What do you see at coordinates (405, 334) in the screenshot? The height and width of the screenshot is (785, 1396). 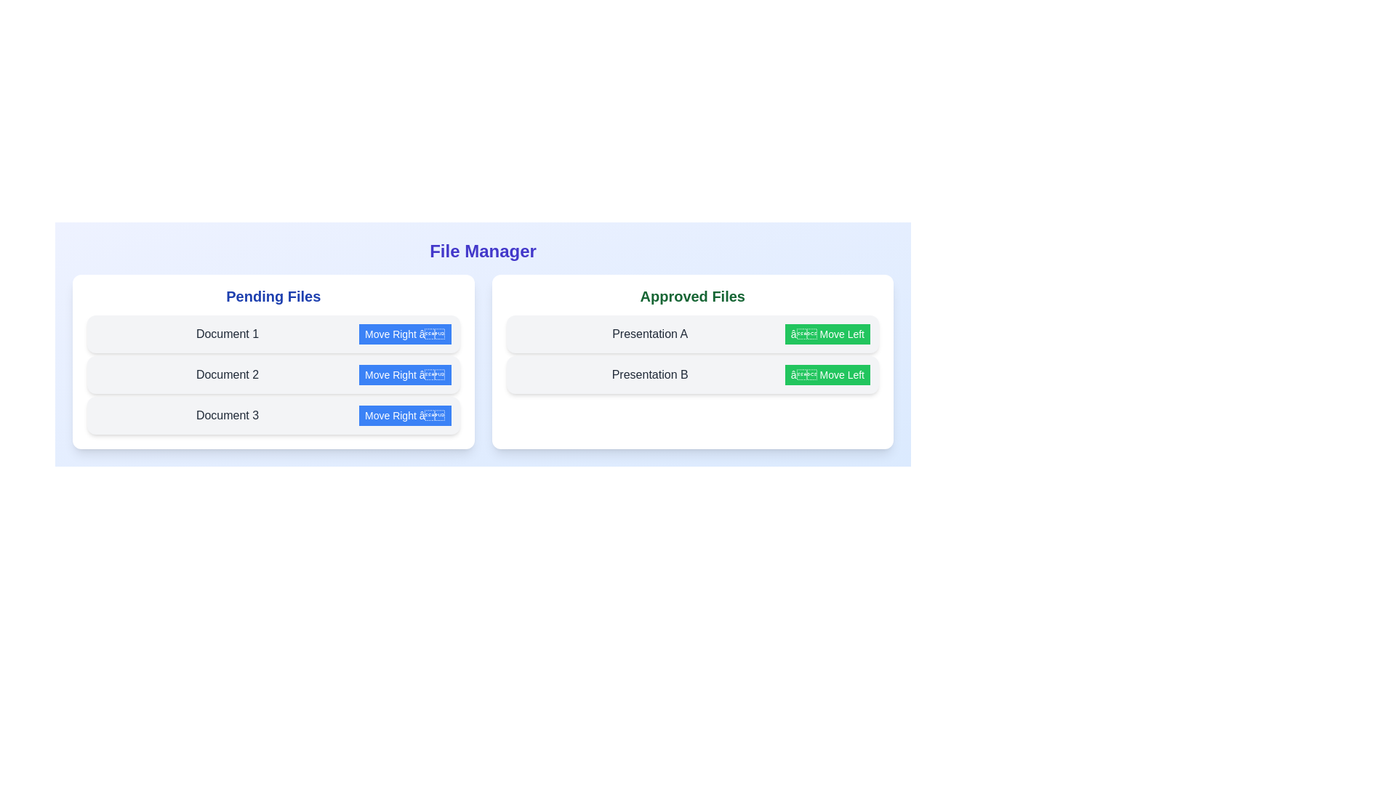 I see `button to transfer Document 1 to the other list` at bounding box center [405, 334].